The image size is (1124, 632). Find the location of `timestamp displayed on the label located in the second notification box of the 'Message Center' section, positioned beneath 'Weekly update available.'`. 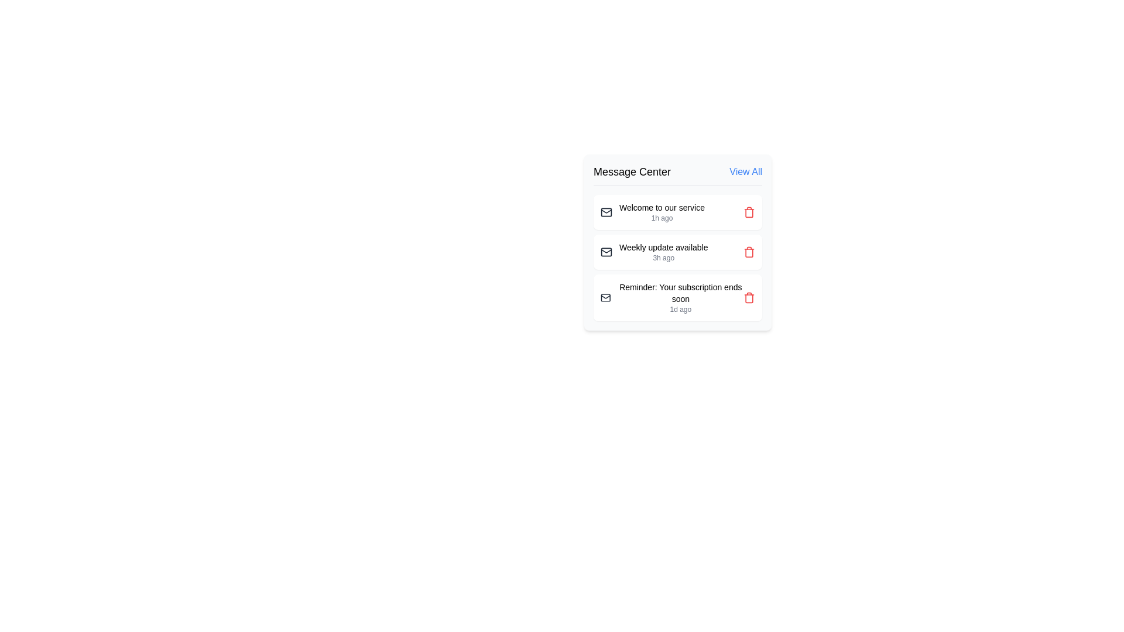

timestamp displayed on the label located in the second notification box of the 'Message Center' section, positioned beneath 'Weekly update available.' is located at coordinates (663, 257).